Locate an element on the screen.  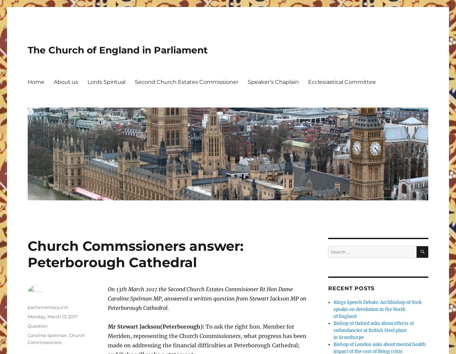
'Bishop of Oxford asks about effects of redundancies at British Steel plant in Scunthorpe' is located at coordinates (373, 330).